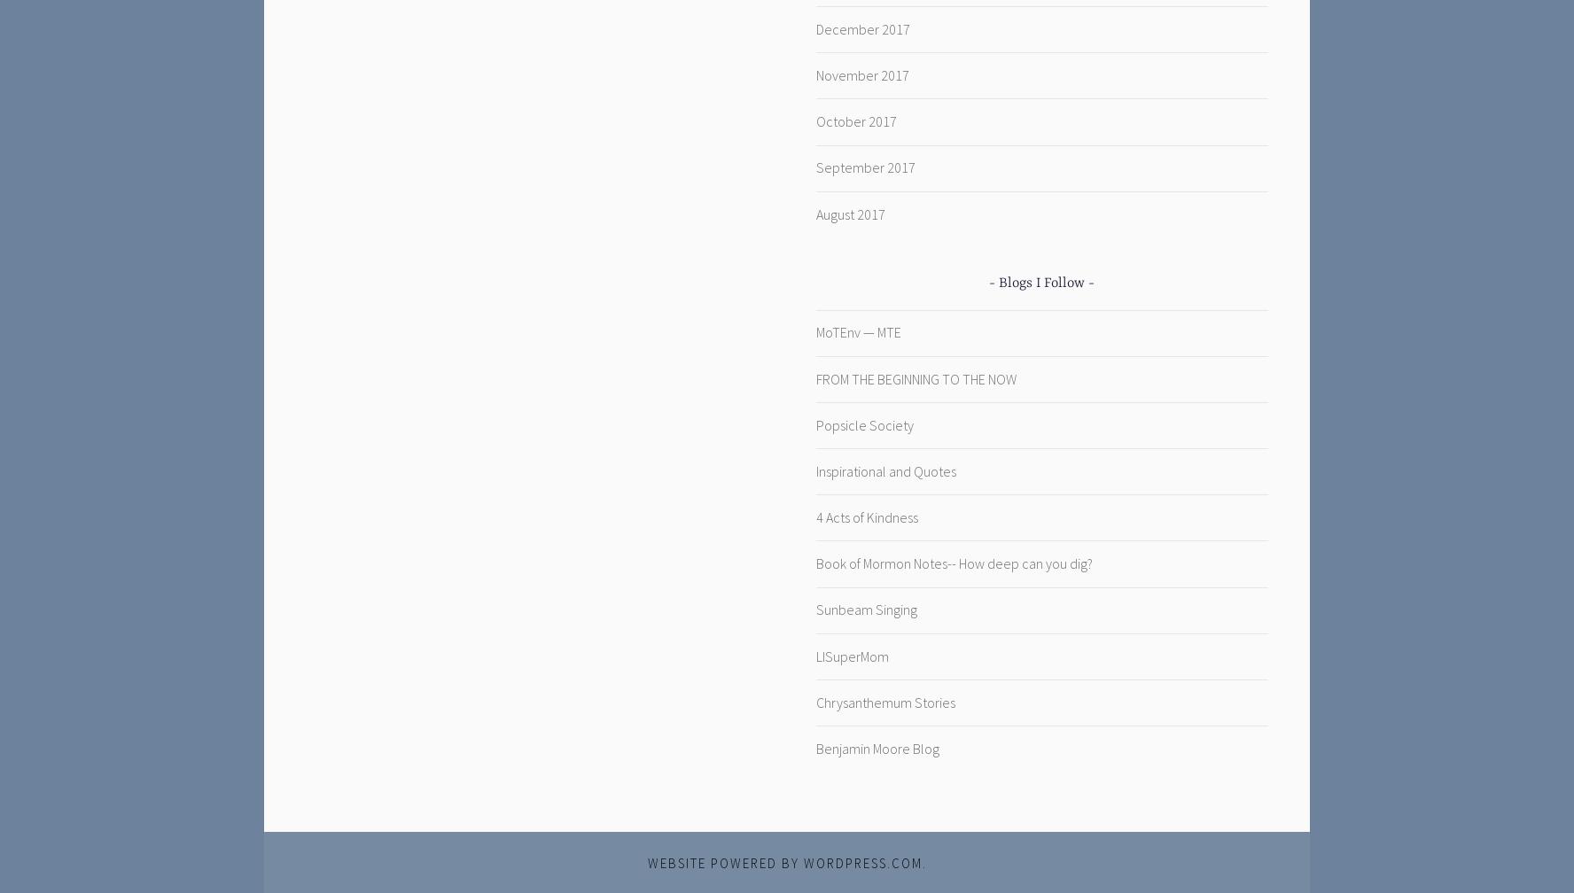  What do you see at coordinates (915, 377) in the screenshot?
I see `'FROM THE BEGINNING TO THE NOW'` at bounding box center [915, 377].